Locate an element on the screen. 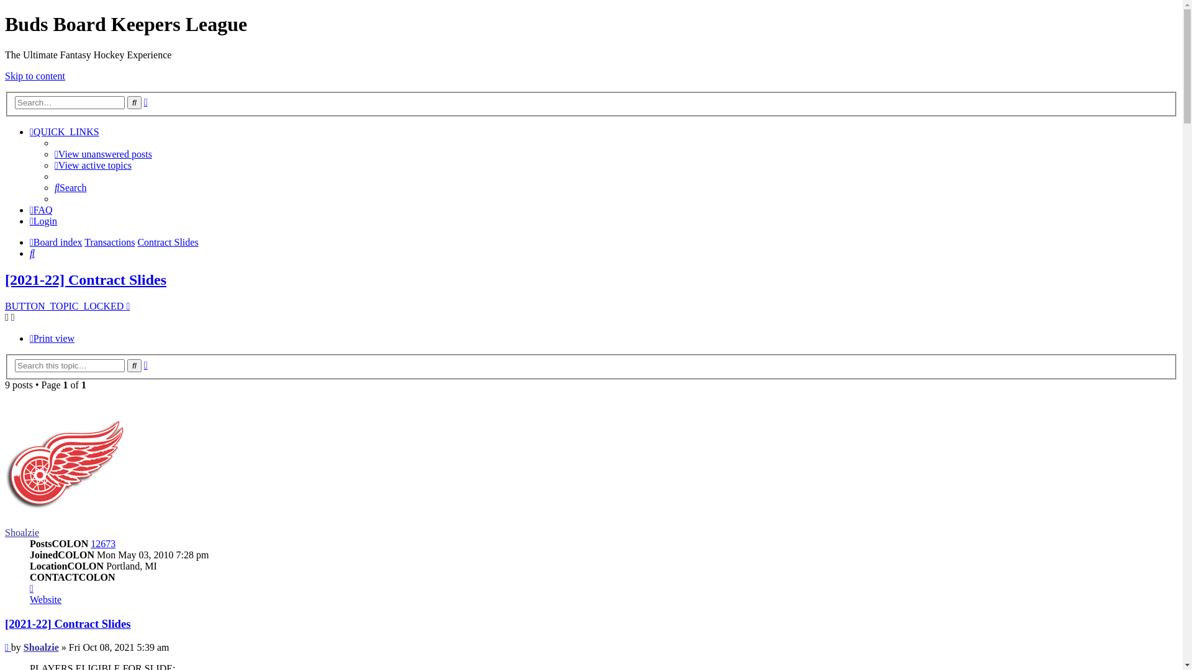 The image size is (1192, 670). 'CONTACT_USER' is located at coordinates (32, 587).